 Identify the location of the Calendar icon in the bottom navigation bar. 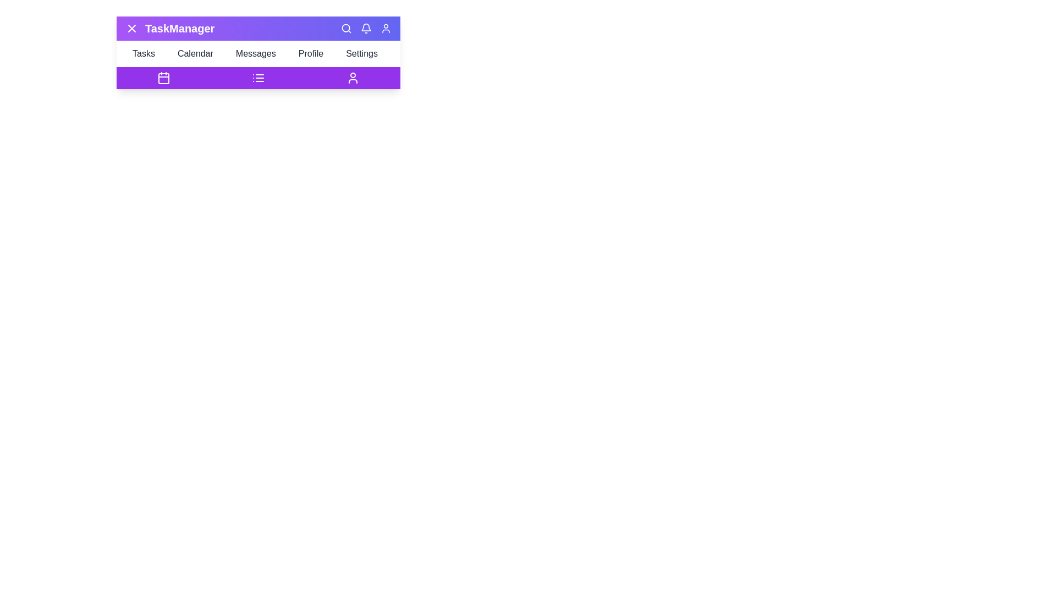
(163, 78).